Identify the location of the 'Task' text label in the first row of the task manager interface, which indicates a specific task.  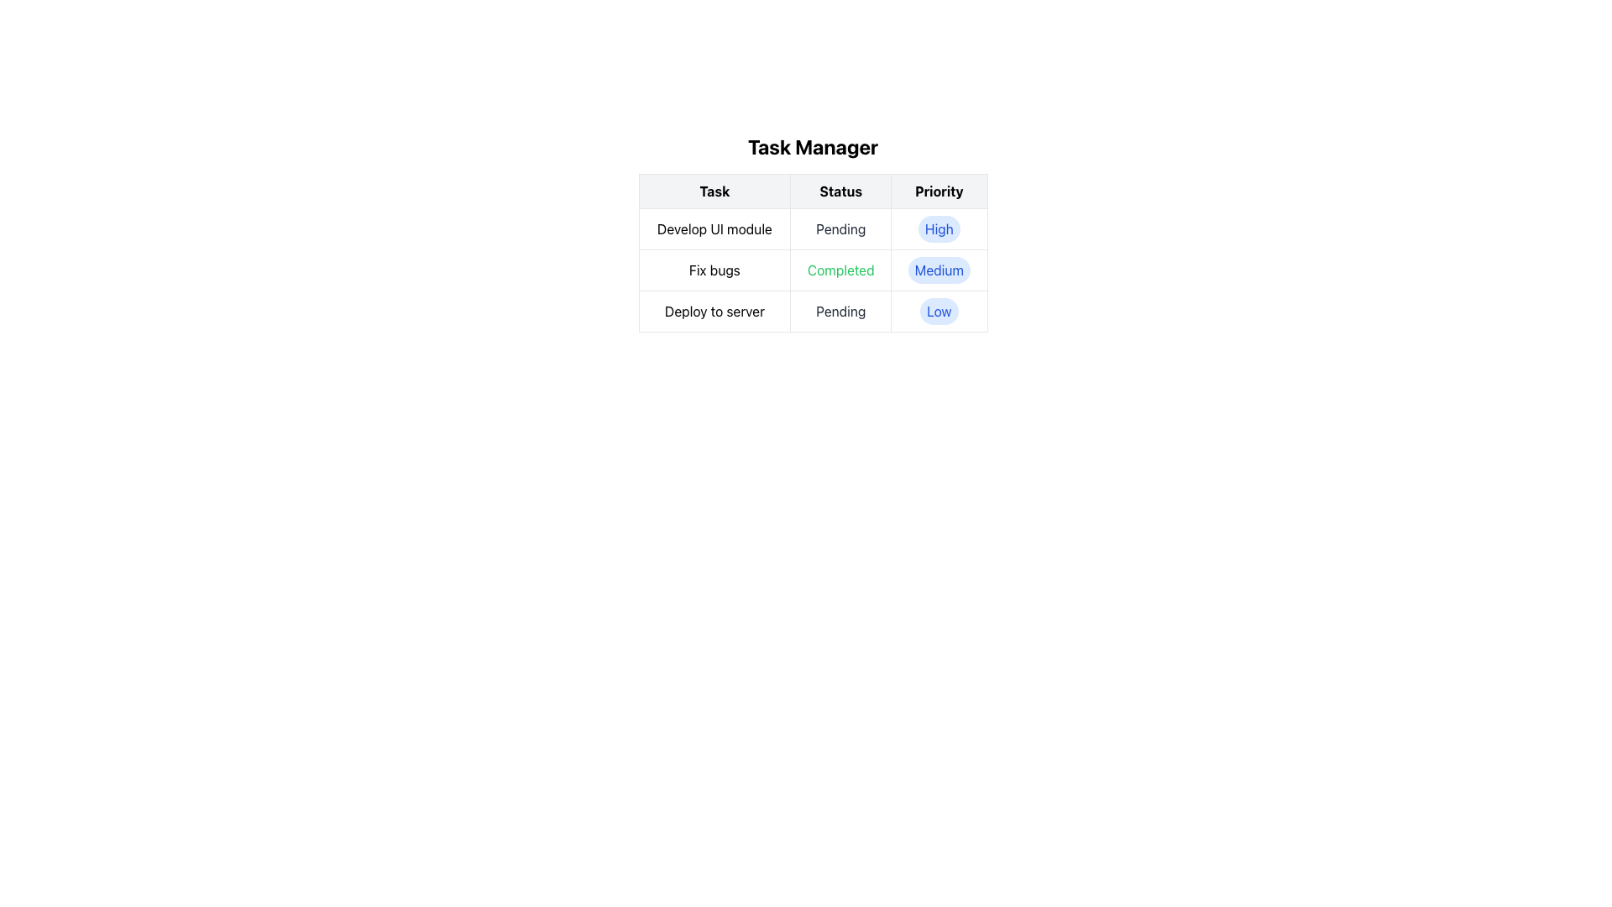
(714, 229).